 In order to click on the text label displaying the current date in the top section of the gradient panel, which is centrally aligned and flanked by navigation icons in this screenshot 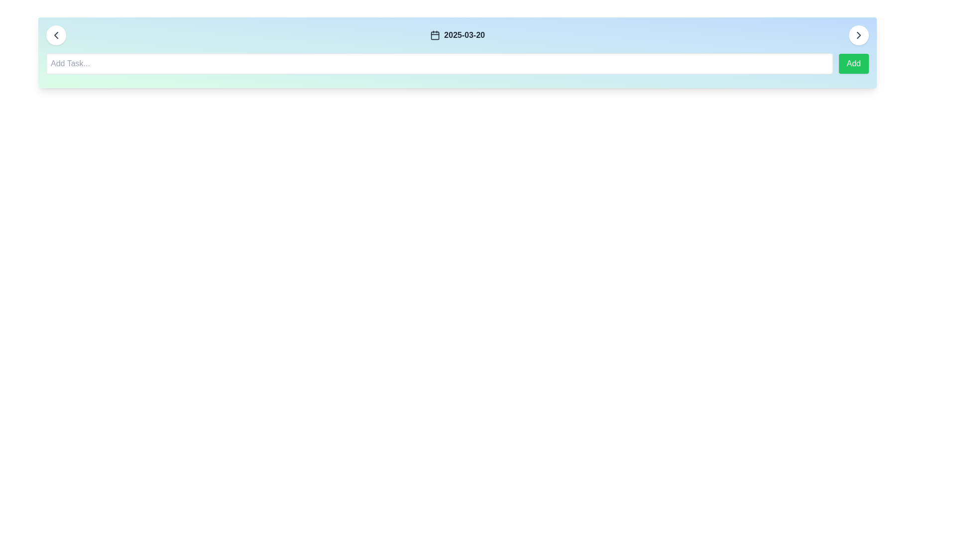, I will do `click(457, 34)`.